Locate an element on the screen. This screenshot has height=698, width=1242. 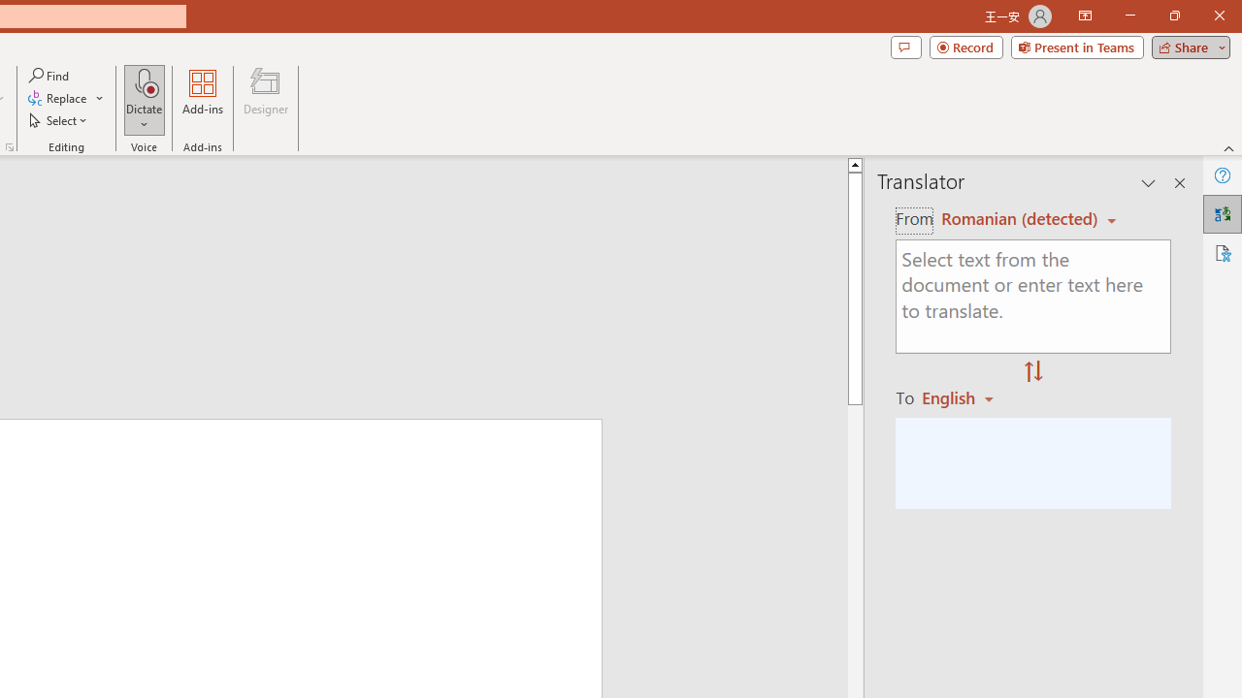
'Replace...' is located at coordinates (58, 98).